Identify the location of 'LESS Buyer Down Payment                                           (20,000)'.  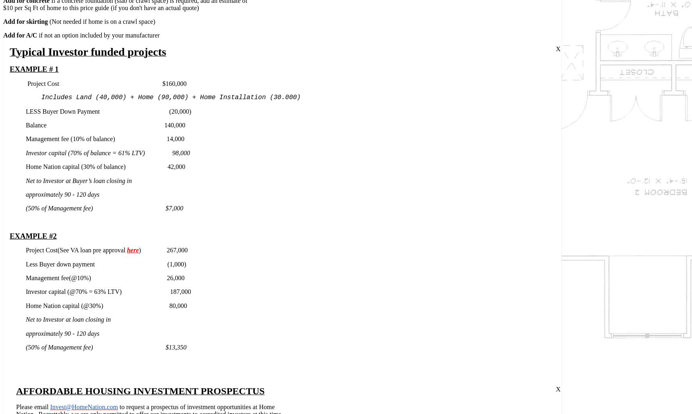
(108, 111).